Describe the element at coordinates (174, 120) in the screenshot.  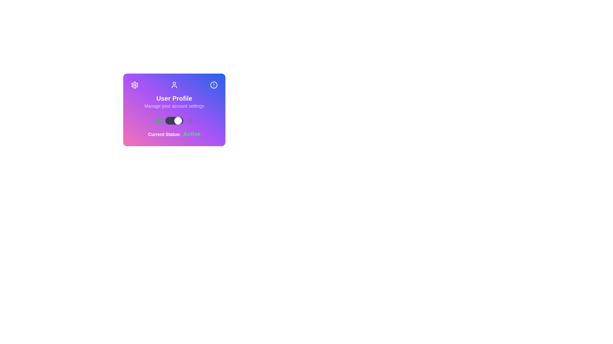
I see `the central toggle switch, which is a horizontal toggle with a dark background and a white circular toggle indicating its active state, to change its state` at that location.